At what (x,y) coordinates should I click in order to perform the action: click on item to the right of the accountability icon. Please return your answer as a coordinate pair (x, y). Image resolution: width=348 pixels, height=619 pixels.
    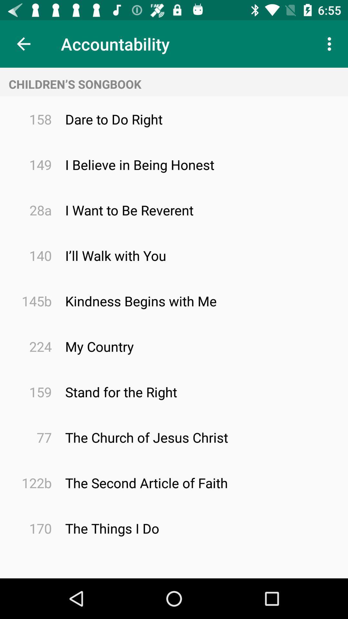
    Looking at the image, I should click on (331, 44).